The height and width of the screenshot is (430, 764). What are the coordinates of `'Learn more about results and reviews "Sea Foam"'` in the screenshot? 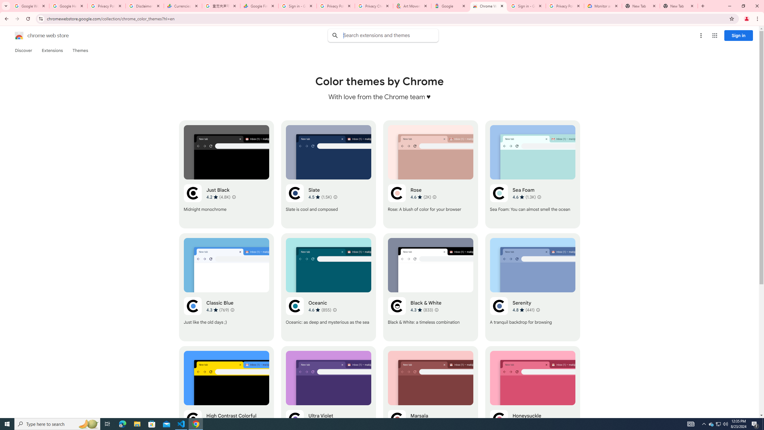 It's located at (539, 197).